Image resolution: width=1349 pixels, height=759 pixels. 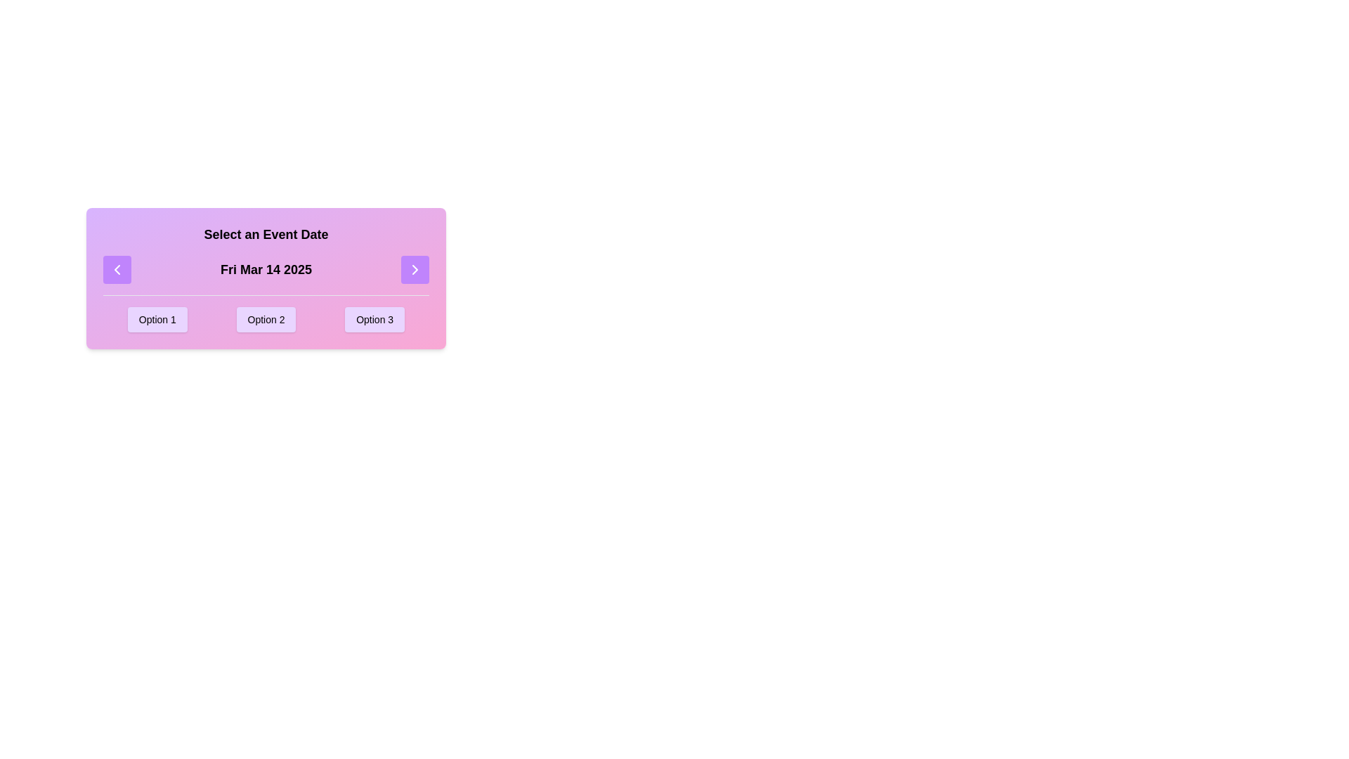 What do you see at coordinates (157, 320) in the screenshot?
I see `the first button labeled 'Option 1'` at bounding box center [157, 320].